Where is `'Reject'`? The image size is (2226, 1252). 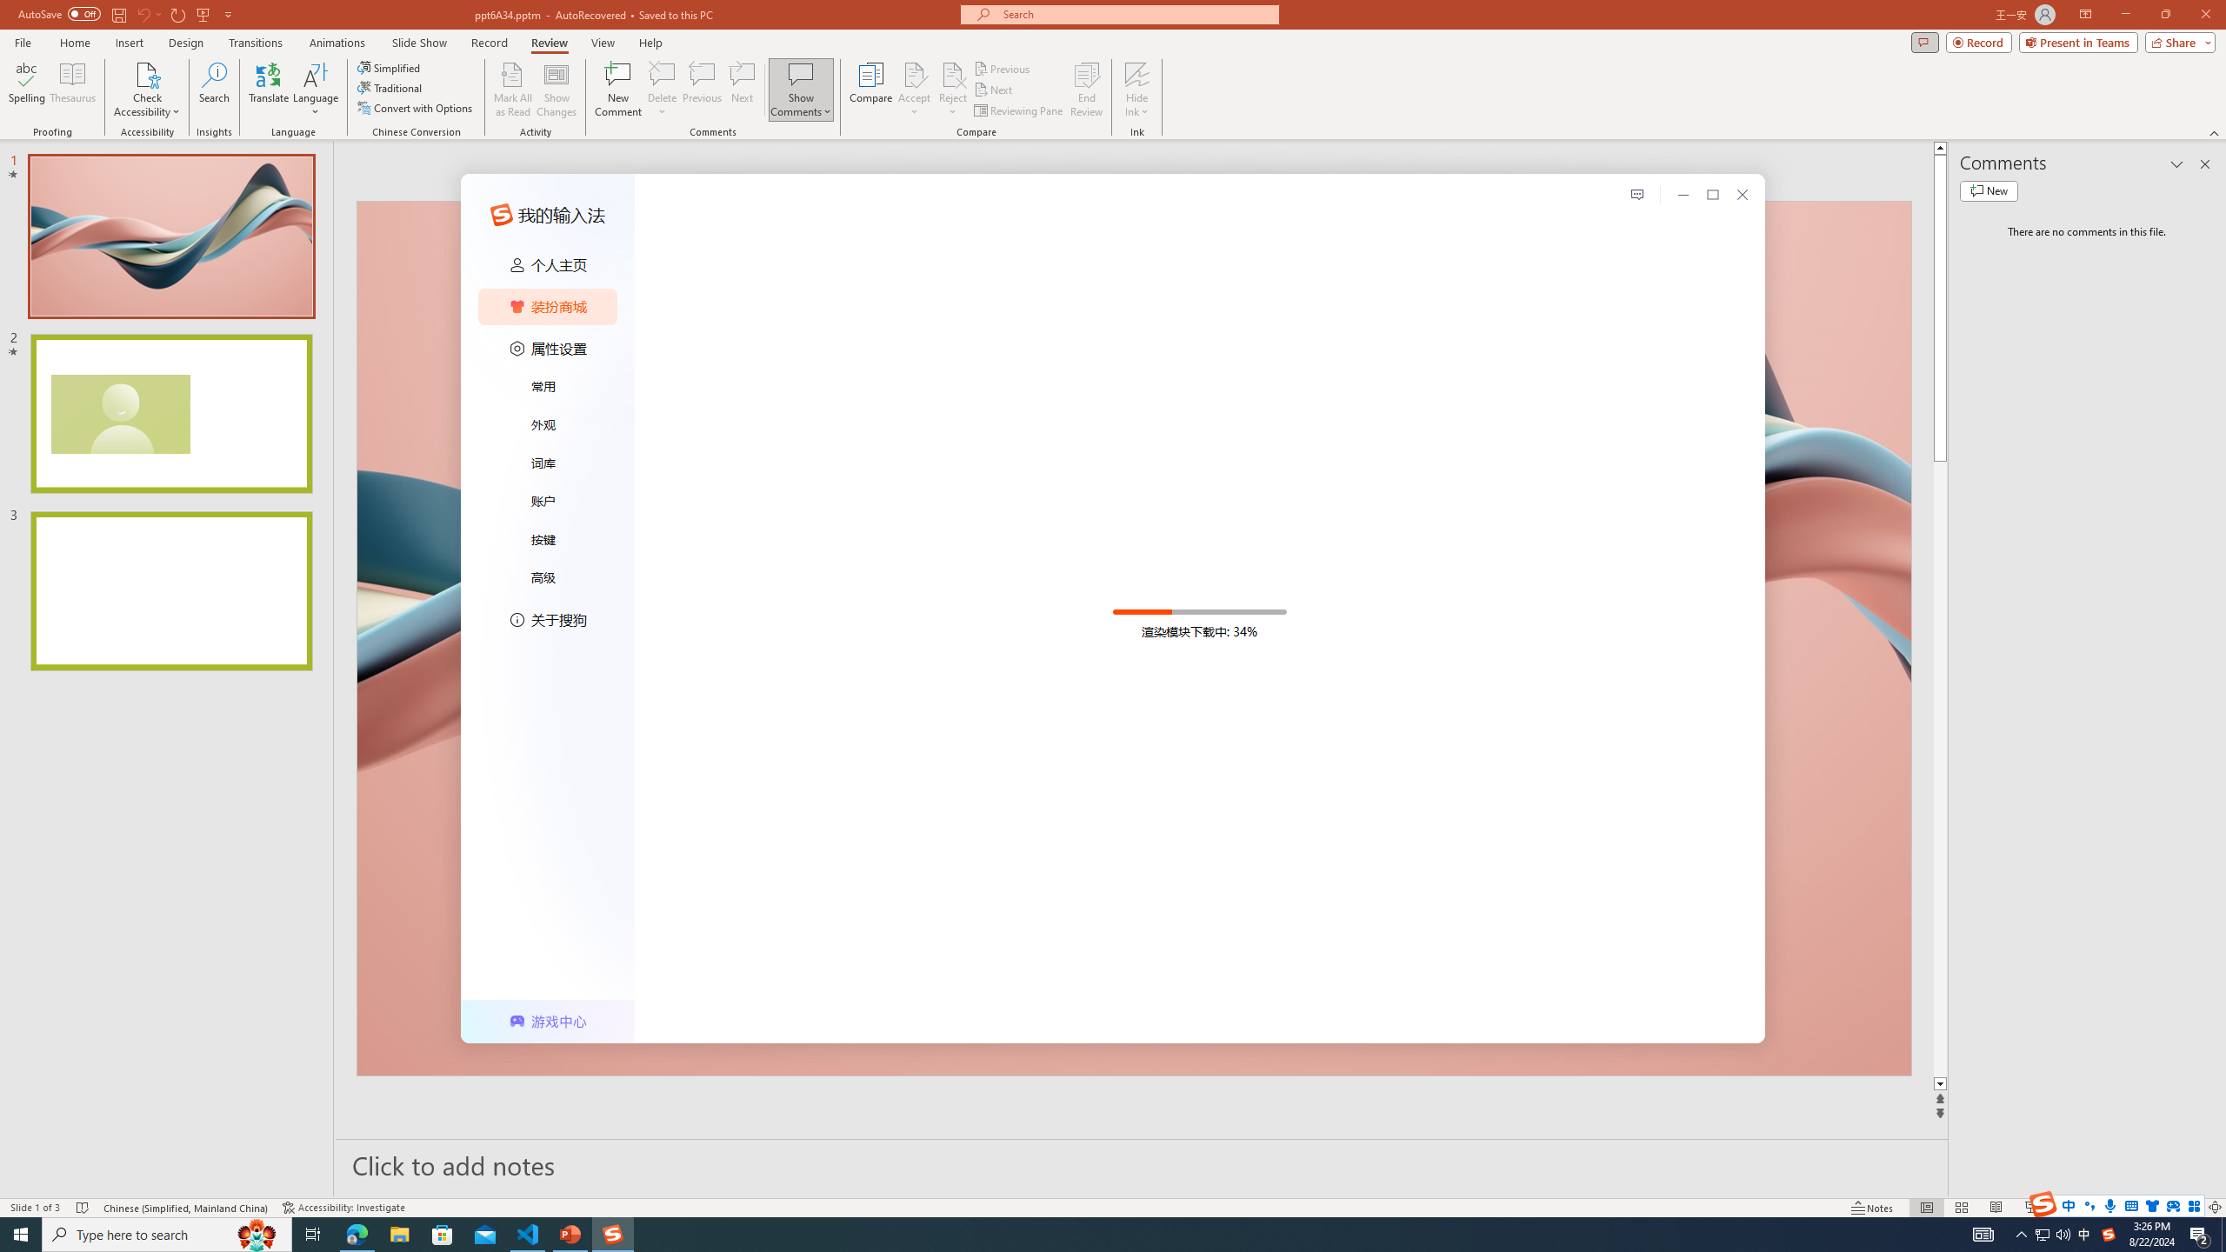 'Reject' is located at coordinates (951, 90).